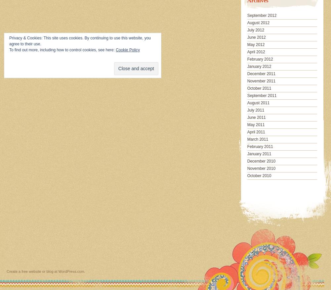 This screenshot has height=290, width=331. Describe the element at coordinates (127, 50) in the screenshot. I see `'Cookie Policy'` at that location.